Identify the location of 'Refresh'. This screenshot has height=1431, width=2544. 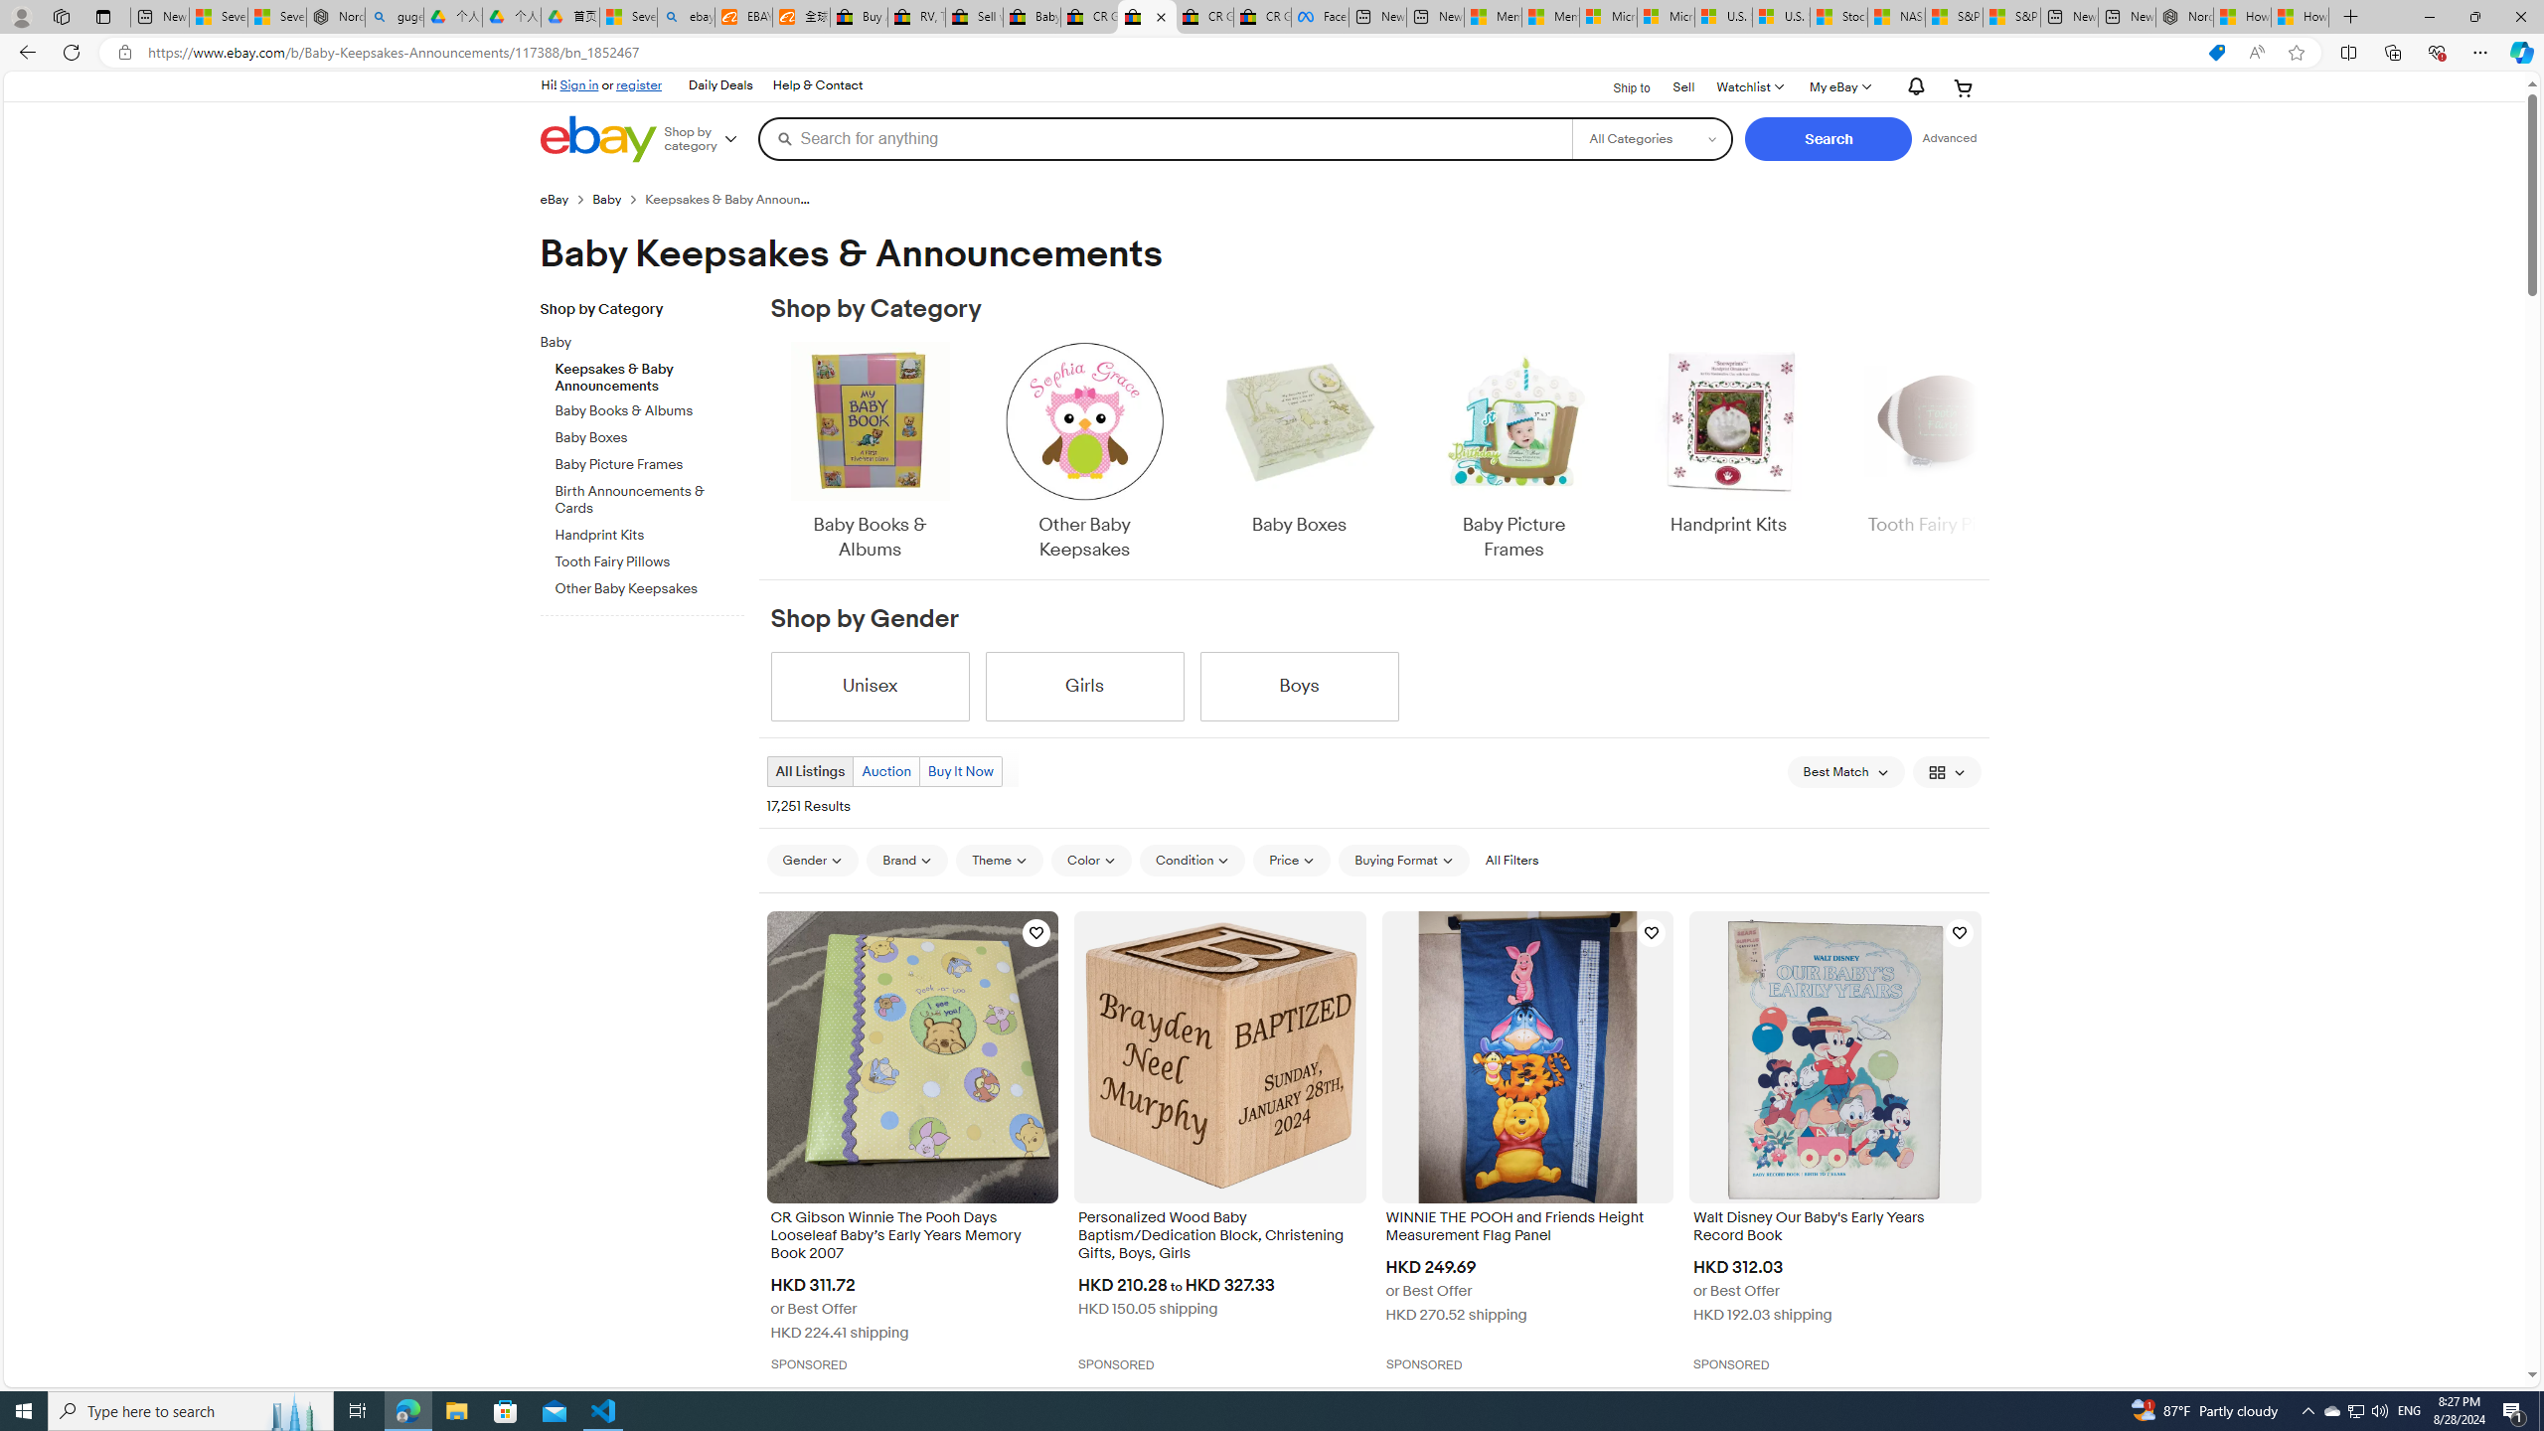
(70, 51).